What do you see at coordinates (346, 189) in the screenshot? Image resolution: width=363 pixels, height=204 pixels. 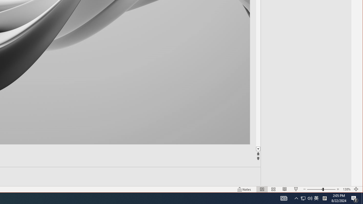 I see `'Zoom 138%'` at bounding box center [346, 189].